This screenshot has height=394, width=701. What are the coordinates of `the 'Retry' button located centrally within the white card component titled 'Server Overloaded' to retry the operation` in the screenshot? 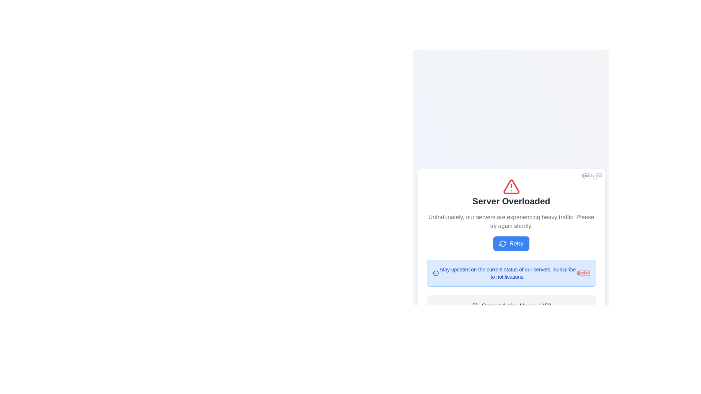 It's located at (511, 243).